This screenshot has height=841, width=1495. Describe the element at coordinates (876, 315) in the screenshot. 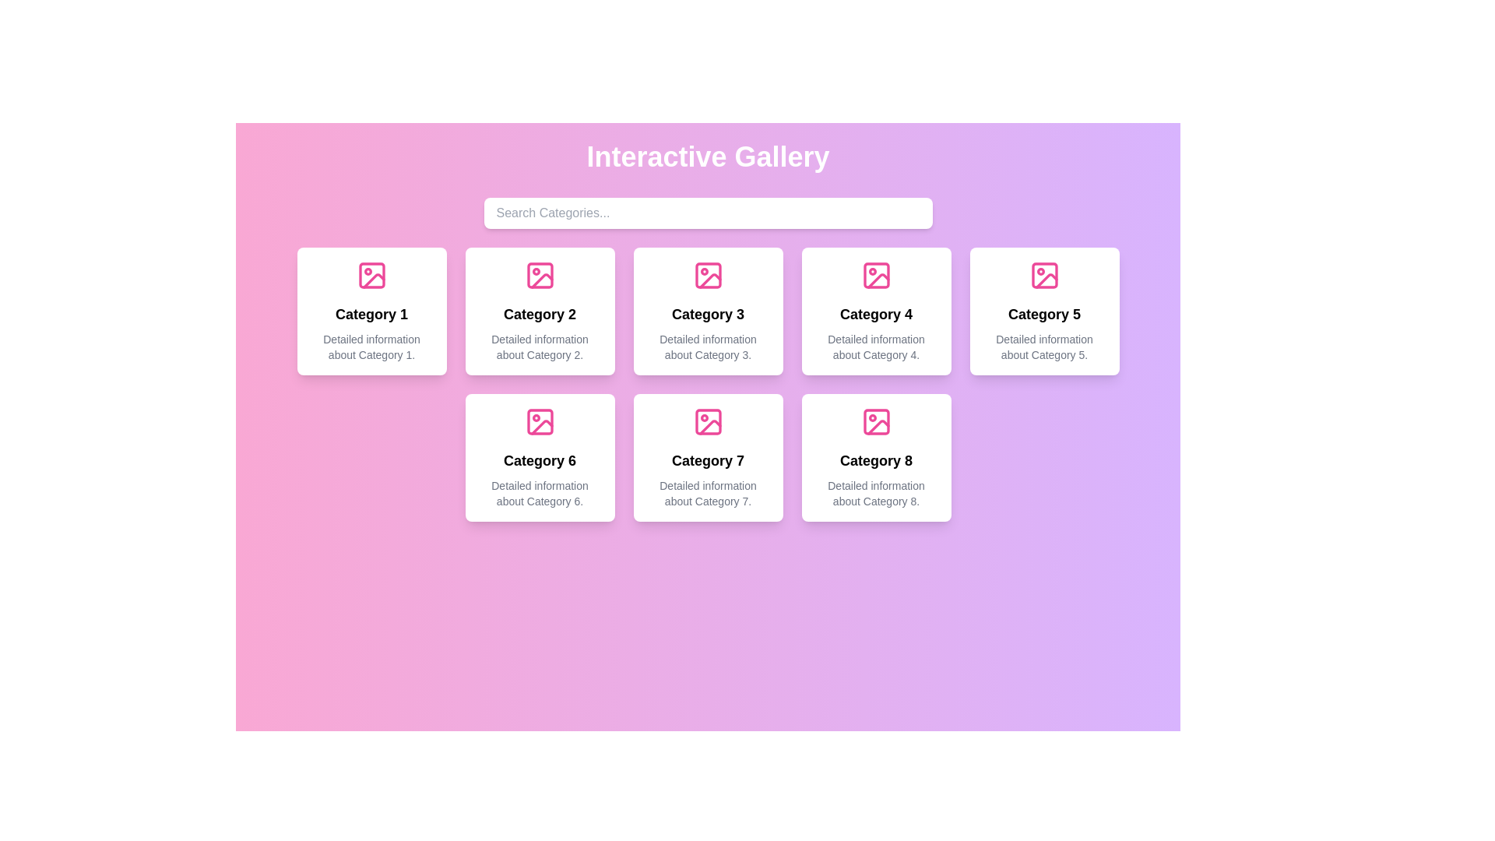

I see `the bold, center-aligned text label saying 'Category 4' located in the fourth card of the top row in the interactive gallery` at that location.